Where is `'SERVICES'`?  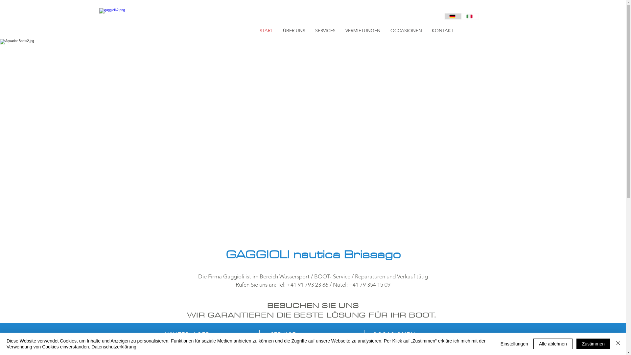
'SERVICES' is located at coordinates (325, 30).